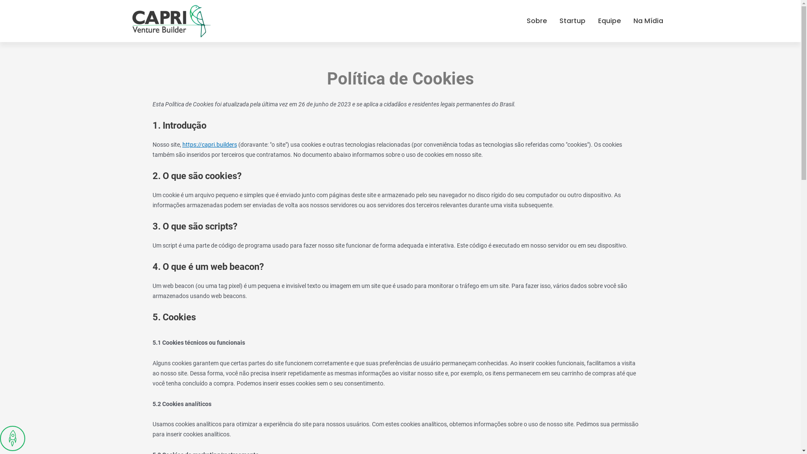  What do you see at coordinates (536, 21) in the screenshot?
I see `'Sobre'` at bounding box center [536, 21].